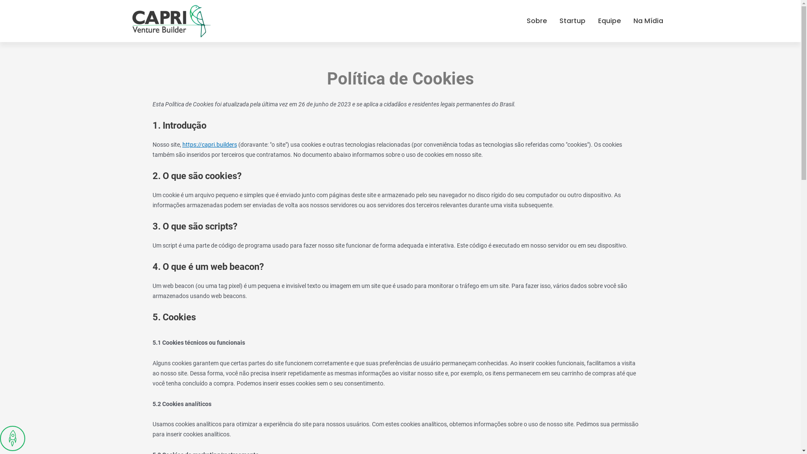  What do you see at coordinates (536, 21) in the screenshot?
I see `'Sobre'` at bounding box center [536, 21].